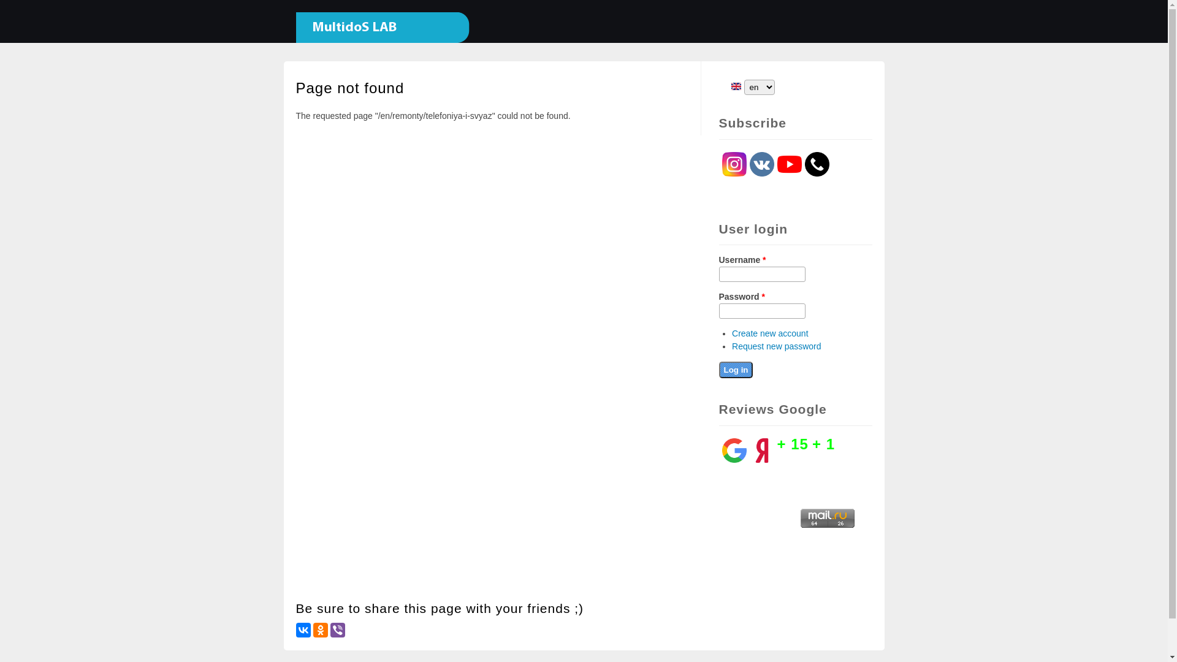  I want to click on '+ 1', so click(823, 443).